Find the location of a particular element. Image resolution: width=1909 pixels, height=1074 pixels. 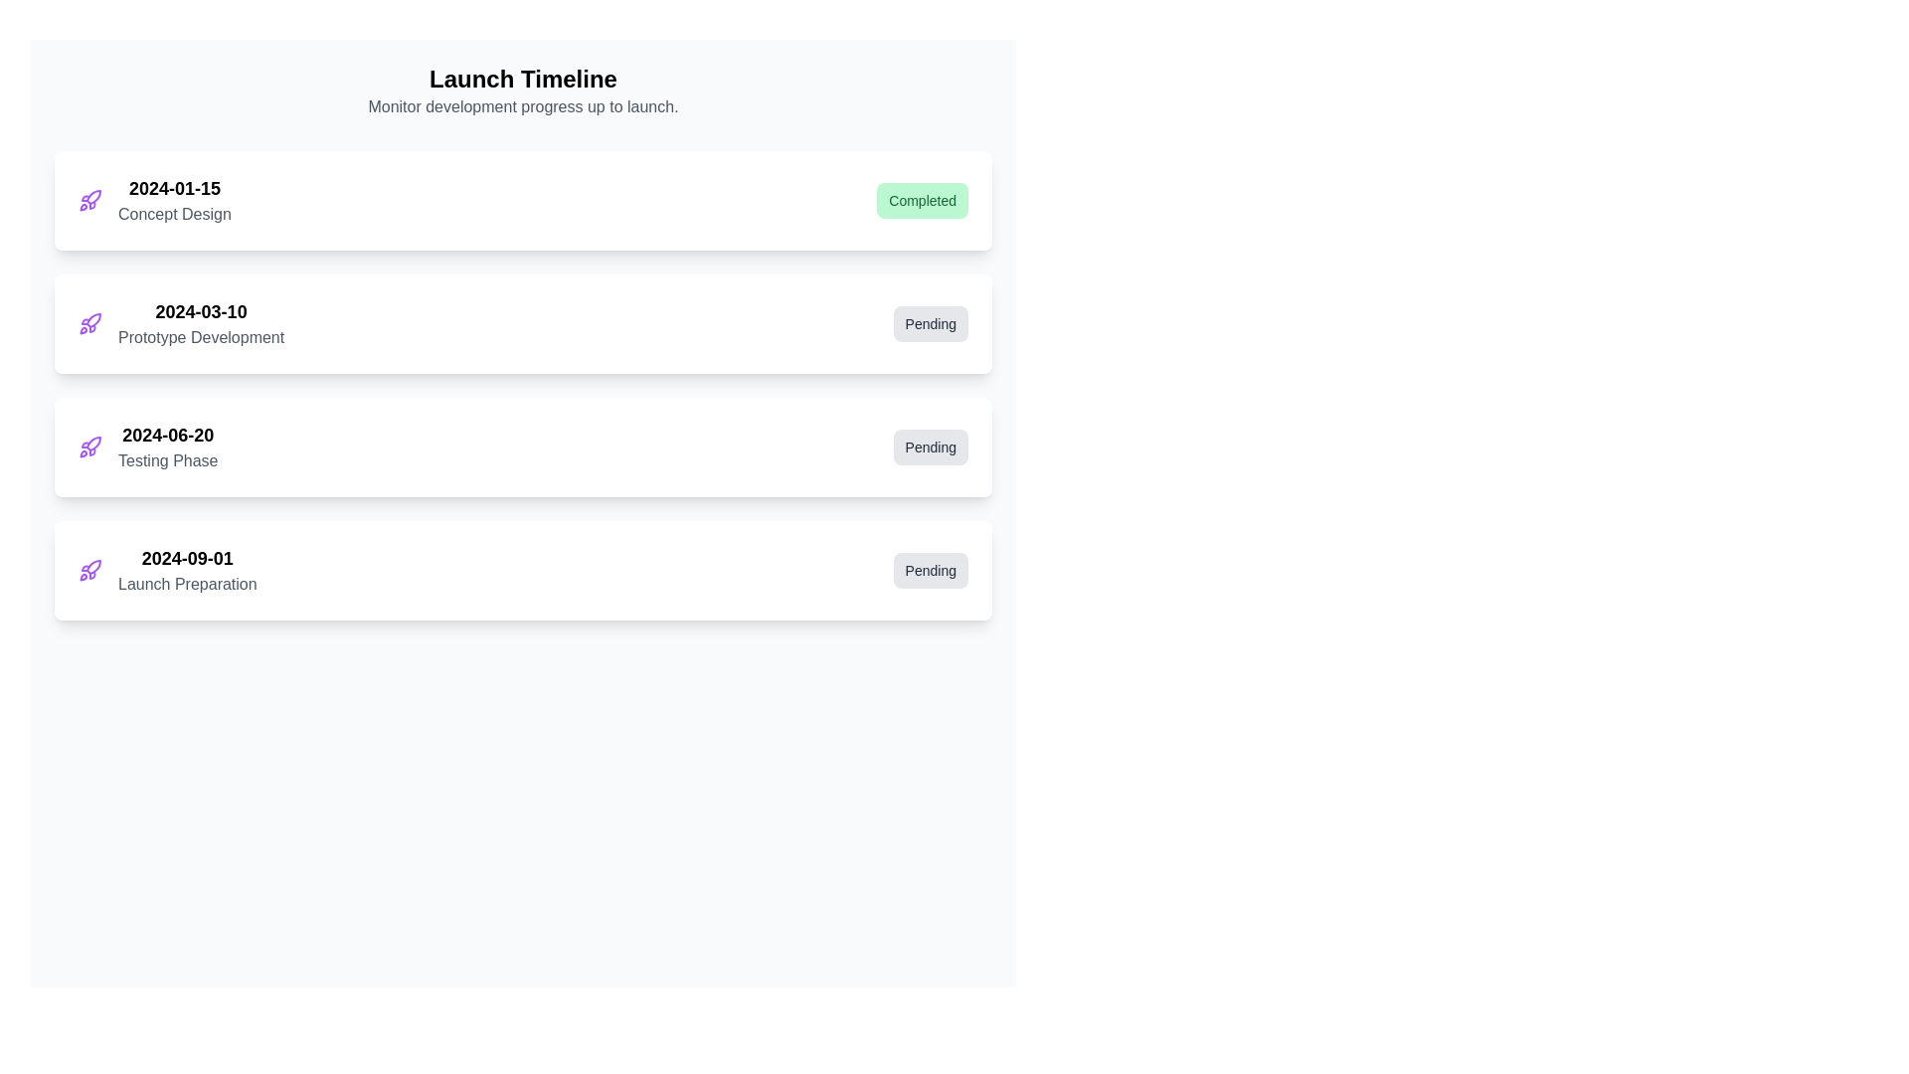

the date label for the 'Launch Preparation' event, located at the top of the fourth item in the vertical timeline list is located at coordinates (187, 559).